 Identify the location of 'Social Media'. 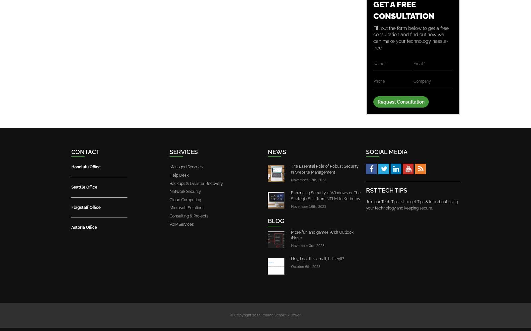
(387, 152).